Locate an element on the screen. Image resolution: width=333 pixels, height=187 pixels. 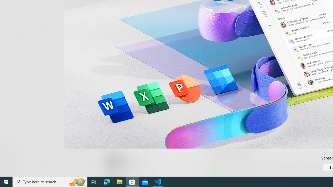
'Show all ratings and reviews' is located at coordinates (218, 54).